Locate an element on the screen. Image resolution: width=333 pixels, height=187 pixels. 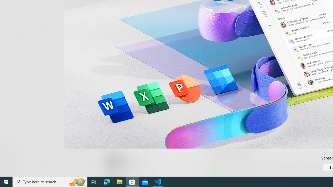
'Show all ratings and reviews' is located at coordinates (218, 54).